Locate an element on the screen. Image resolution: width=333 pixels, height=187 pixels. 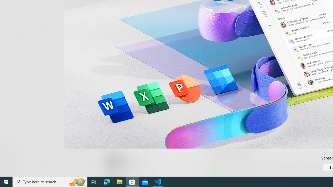
'Show all ratings and reviews' is located at coordinates (218, 54).